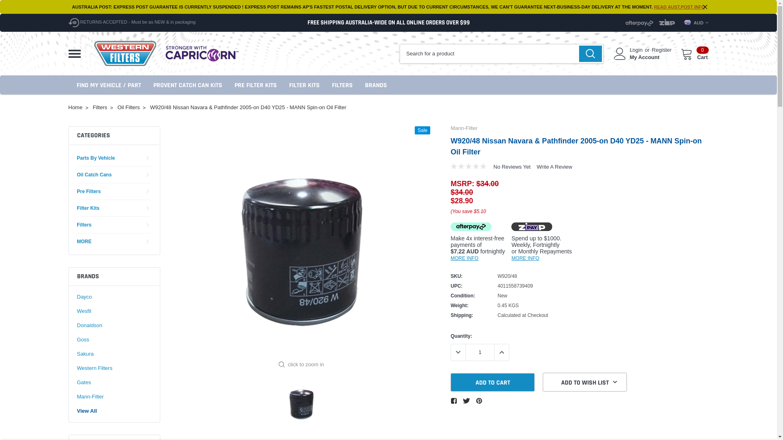  What do you see at coordinates (684, 22) in the screenshot?
I see `'AUD'` at bounding box center [684, 22].